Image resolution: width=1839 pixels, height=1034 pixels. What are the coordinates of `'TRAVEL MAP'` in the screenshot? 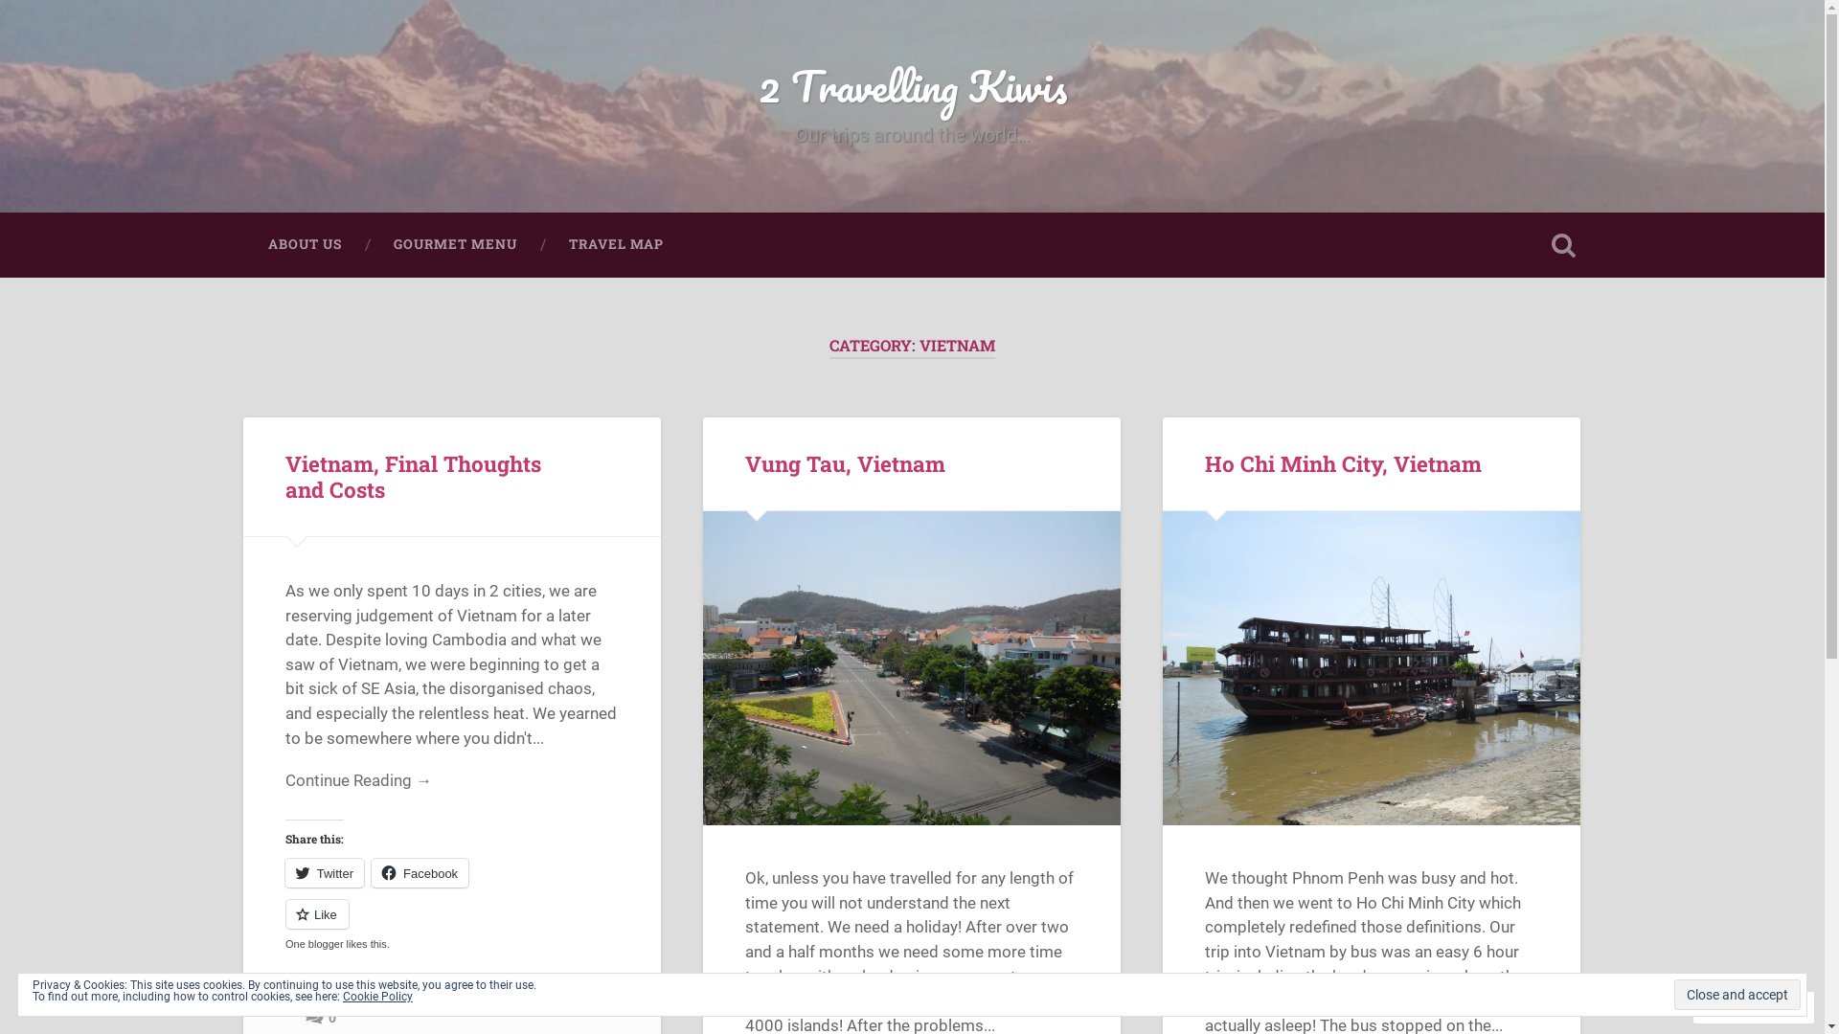 It's located at (615, 243).